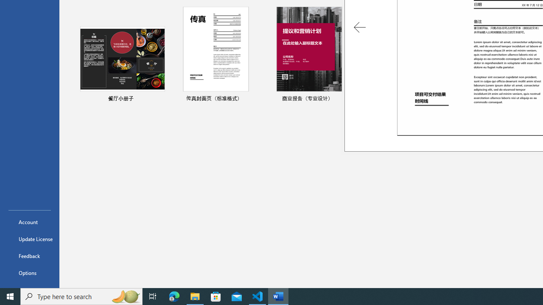 This screenshot has width=543, height=305. I want to click on 'Feedback', so click(29, 255).